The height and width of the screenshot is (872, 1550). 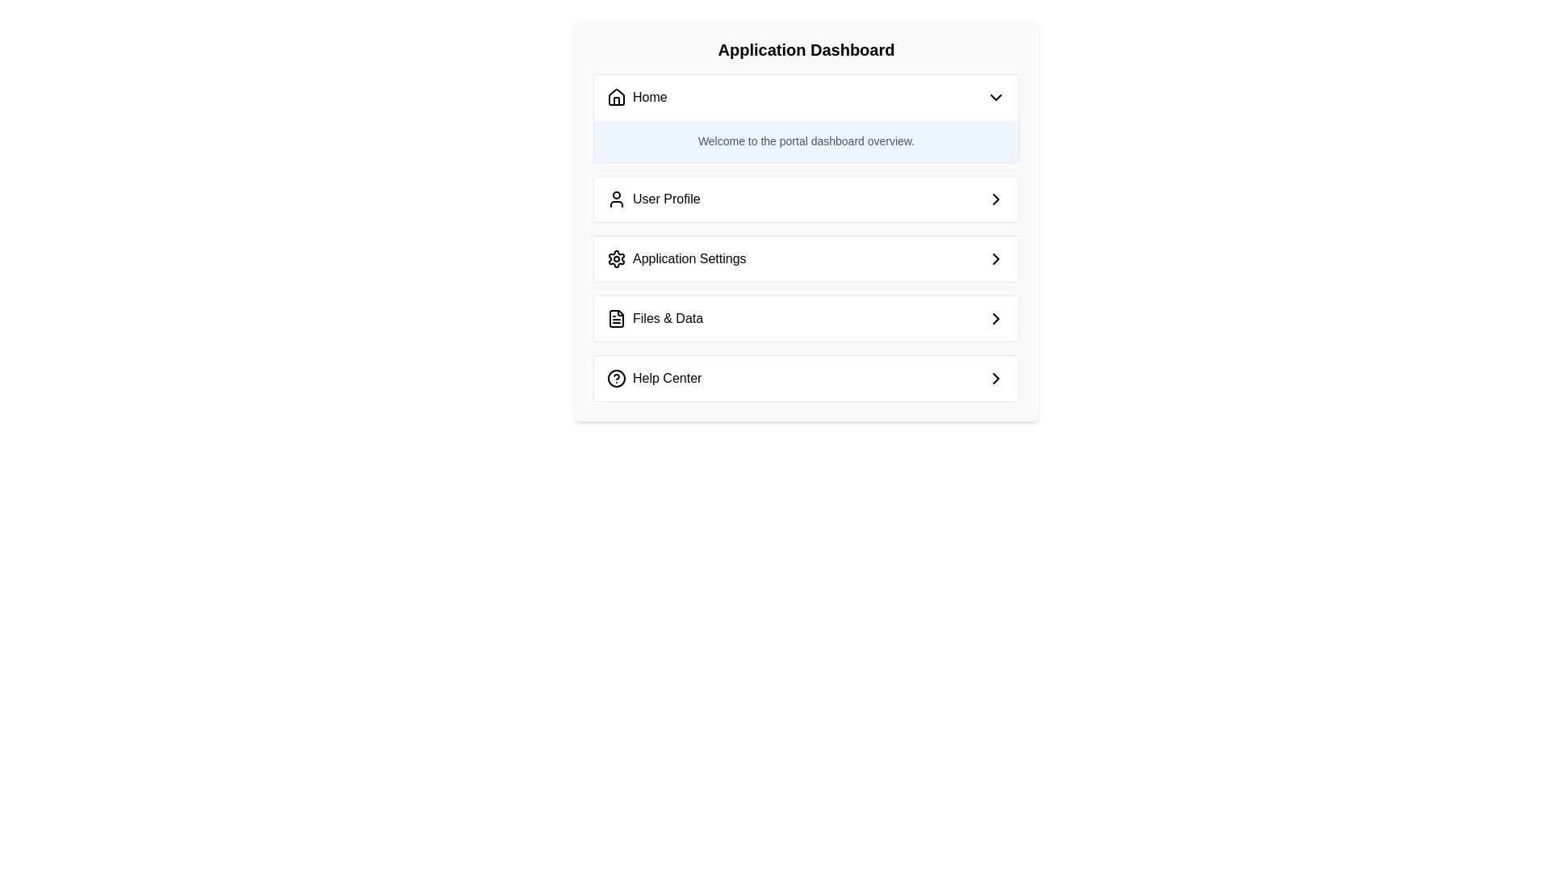 I want to click on the 'Home' label in the navigation menu, so click(x=636, y=97).